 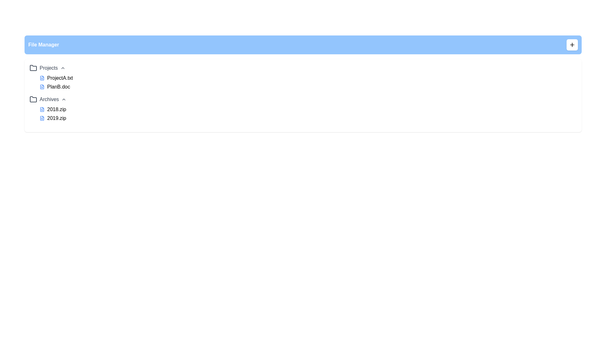 I want to click on the 'Archives' text label located under the 'Projects' section in the file manager module, so click(x=49, y=99).